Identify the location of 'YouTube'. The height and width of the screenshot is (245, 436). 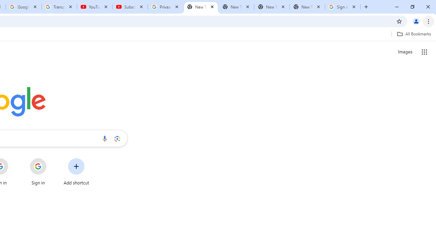
(94, 7).